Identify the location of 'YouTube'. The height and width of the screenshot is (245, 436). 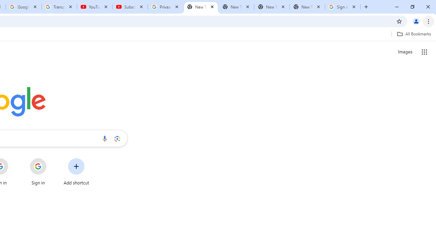
(94, 7).